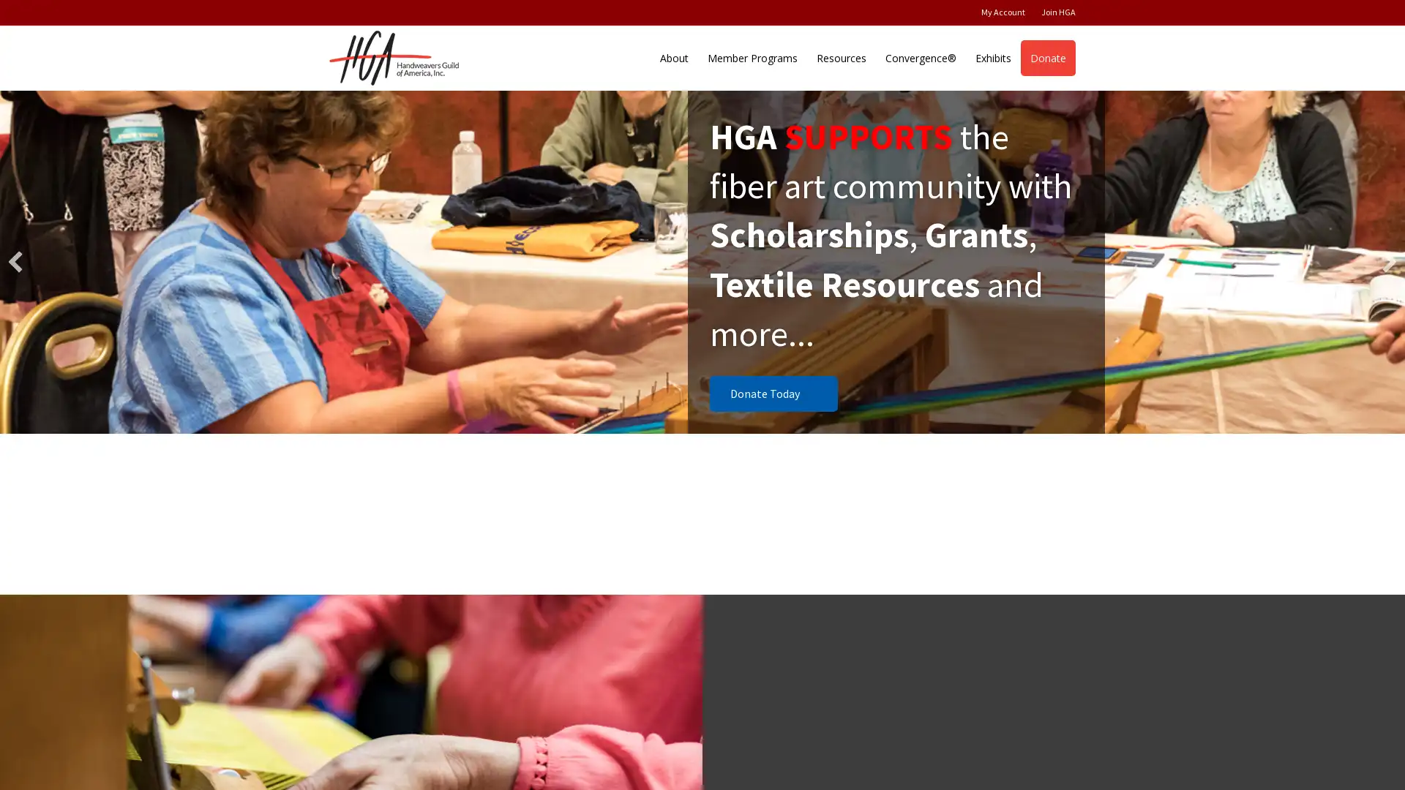  What do you see at coordinates (765, 392) in the screenshot?
I see `Join Today` at bounding box center [765, 392].